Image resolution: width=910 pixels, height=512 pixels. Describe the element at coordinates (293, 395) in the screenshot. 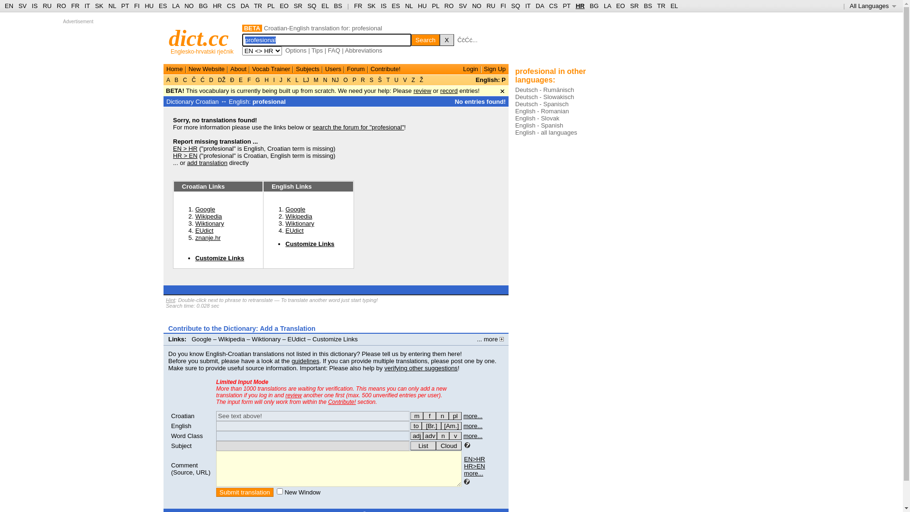

I see `'review'` at that location.